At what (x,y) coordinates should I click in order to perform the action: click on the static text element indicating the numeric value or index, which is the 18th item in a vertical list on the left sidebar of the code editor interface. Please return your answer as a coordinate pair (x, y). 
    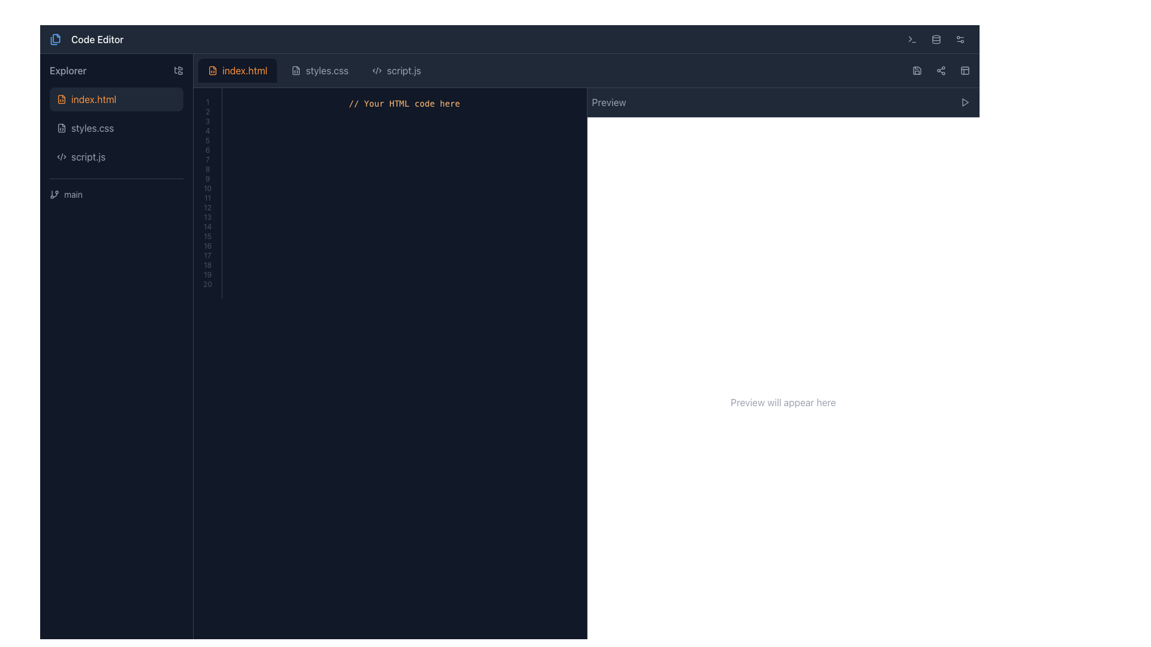
    Looking at the image, I should click on (207, 265).